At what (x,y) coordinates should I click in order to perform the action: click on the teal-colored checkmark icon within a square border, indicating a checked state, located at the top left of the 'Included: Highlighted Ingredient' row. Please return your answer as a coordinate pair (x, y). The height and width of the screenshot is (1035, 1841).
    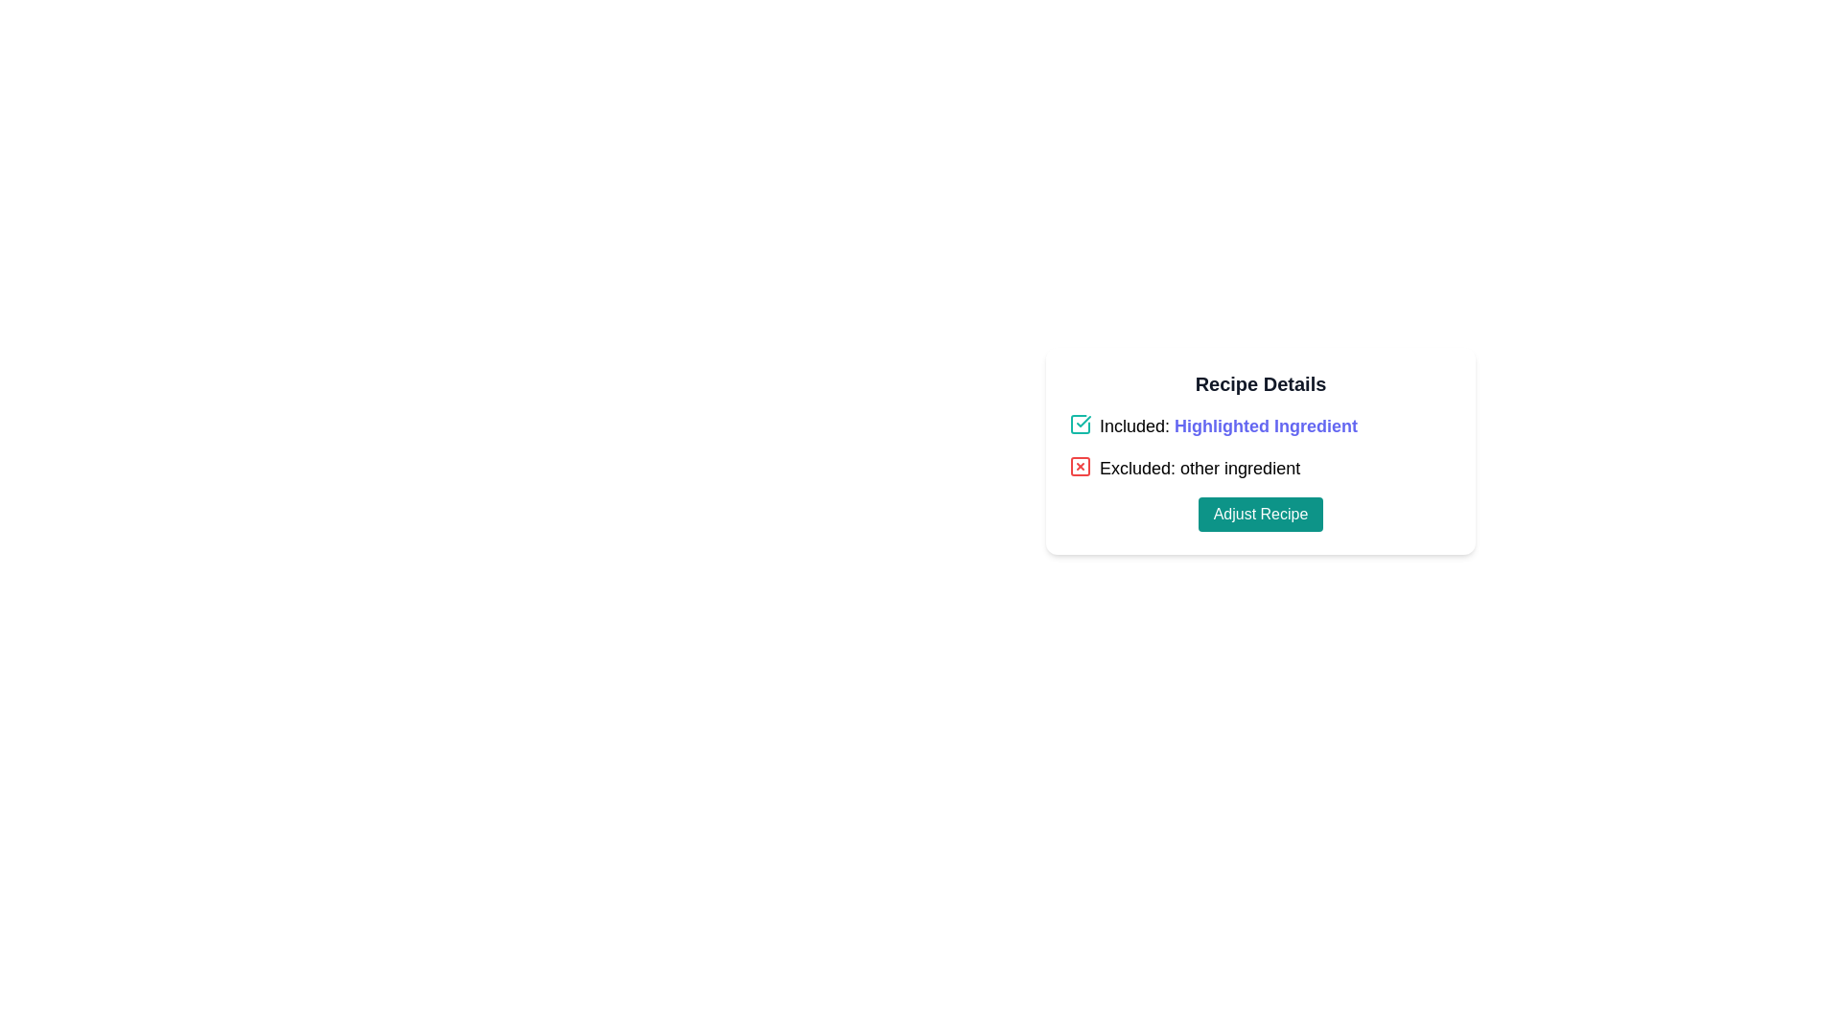
    Looking at the image, I should click on (1081, 424).